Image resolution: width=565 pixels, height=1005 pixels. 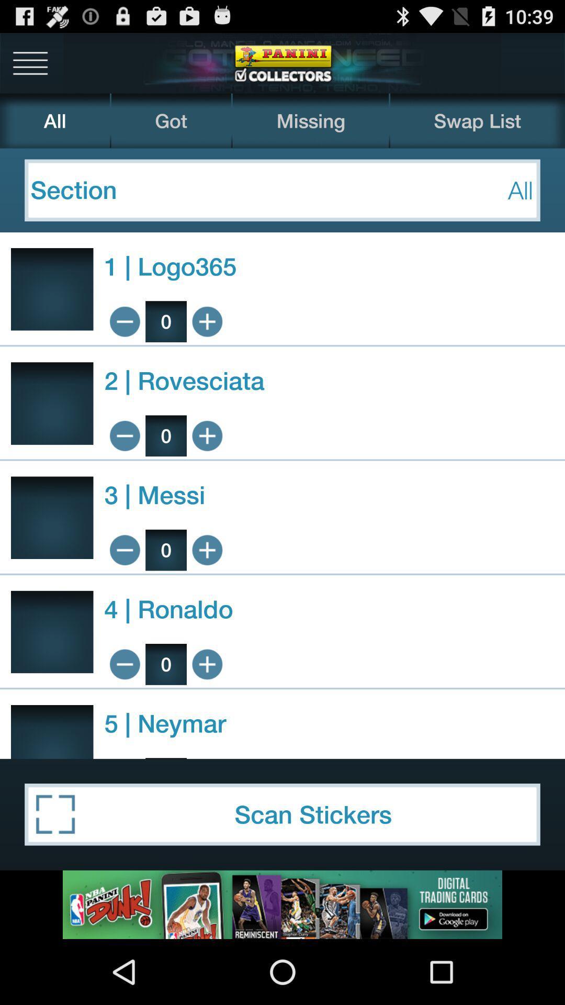 I want to click on subtraction option, so click(x=124, y=664).